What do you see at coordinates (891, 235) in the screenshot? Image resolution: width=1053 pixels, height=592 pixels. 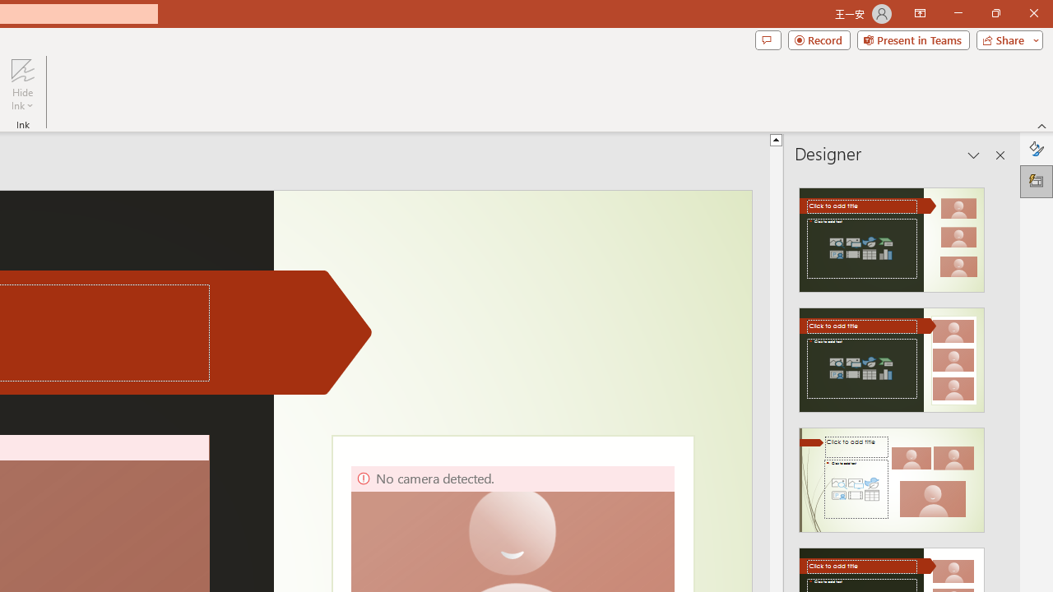 I see `'Recommended Design: Design Idea'` at bounding box center [891, 235].